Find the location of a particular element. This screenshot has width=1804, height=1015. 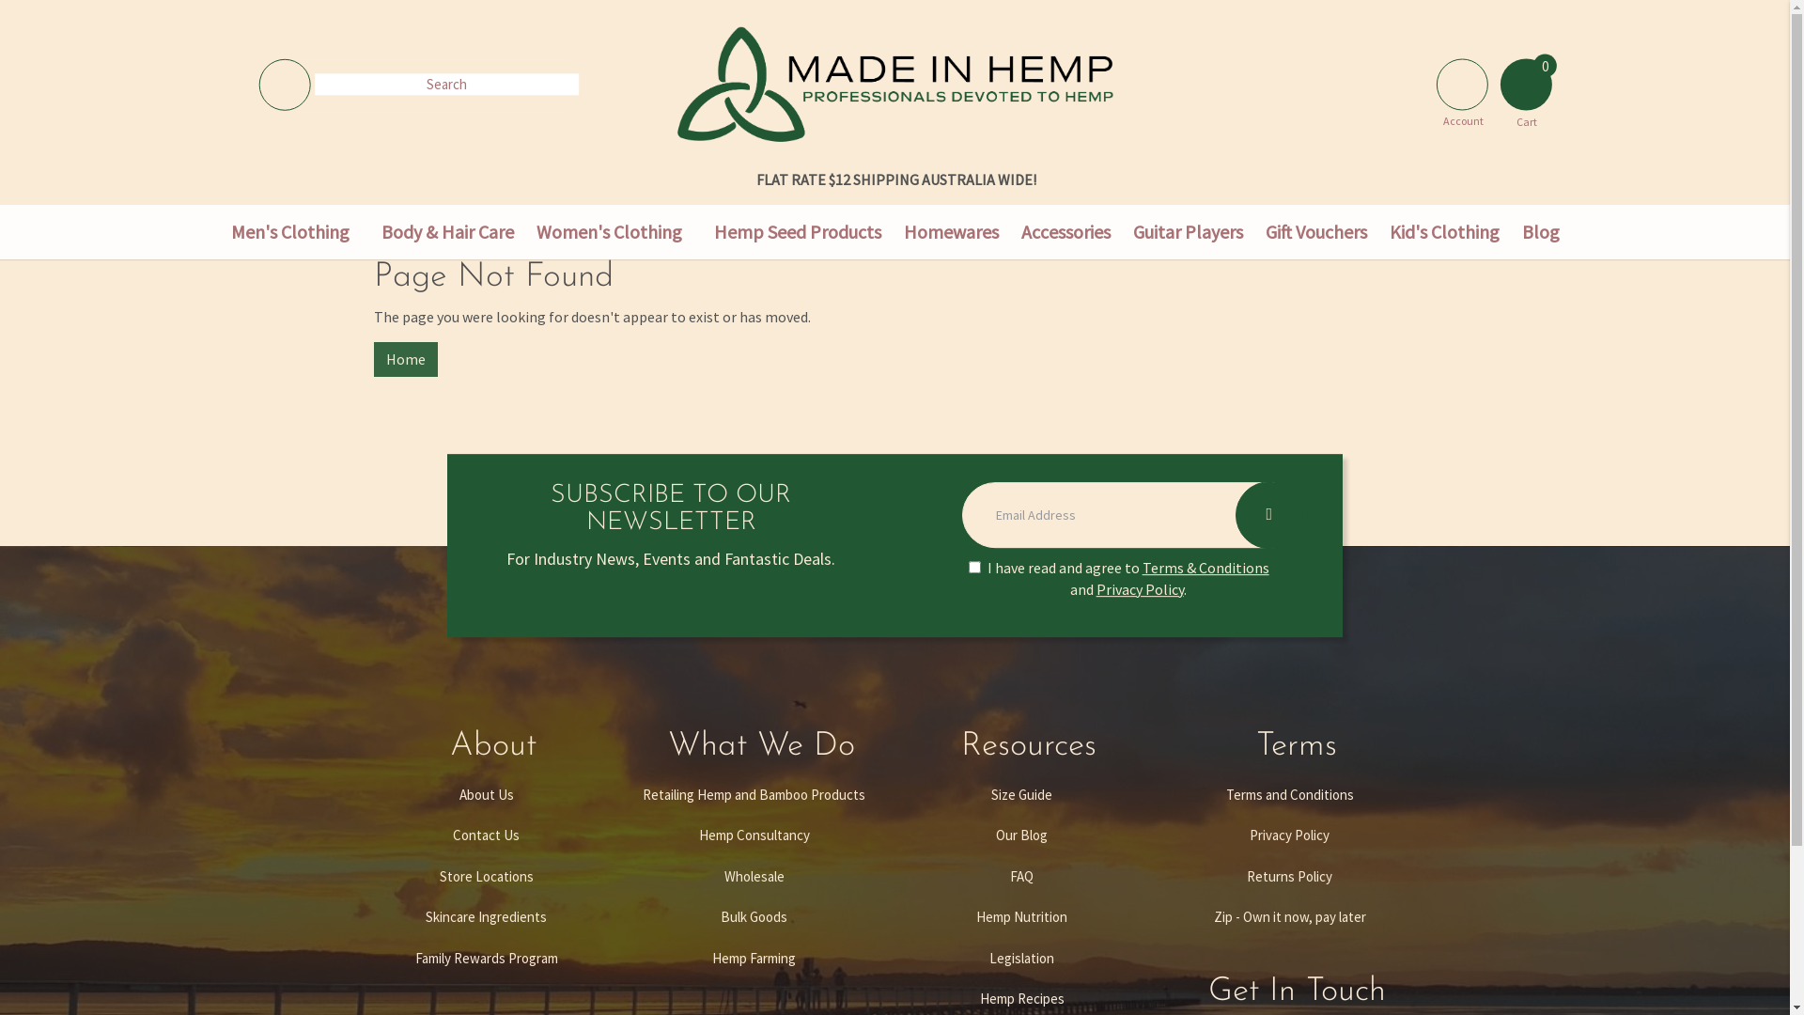

'Size Guide' is located at coordinates (1019, 794).